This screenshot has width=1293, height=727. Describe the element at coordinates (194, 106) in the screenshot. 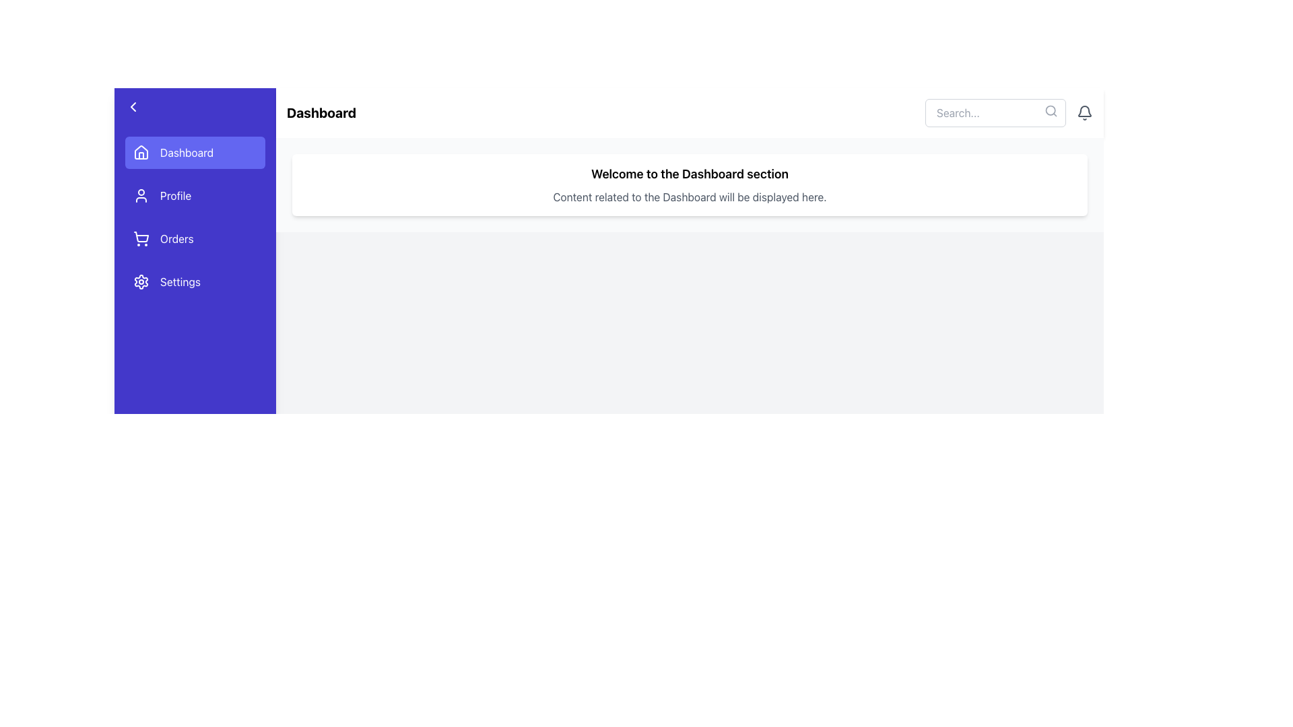

I see `the left-pointing arrow navigation button located at the top of the vertical blue navigation sidebar to receive a tooltip` at that location.